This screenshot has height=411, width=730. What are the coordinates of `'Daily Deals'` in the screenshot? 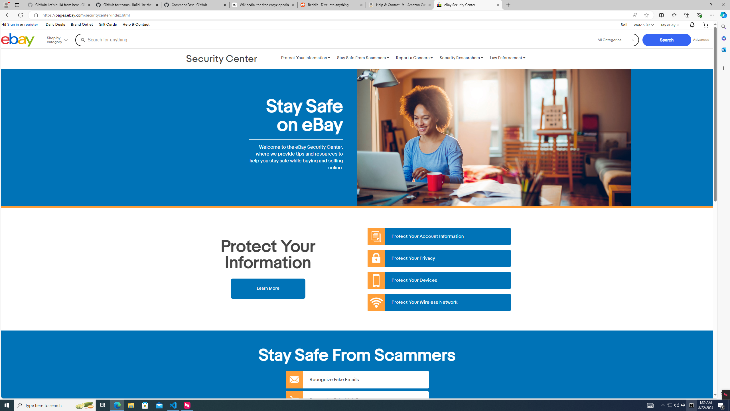 It's located at (55, 24).